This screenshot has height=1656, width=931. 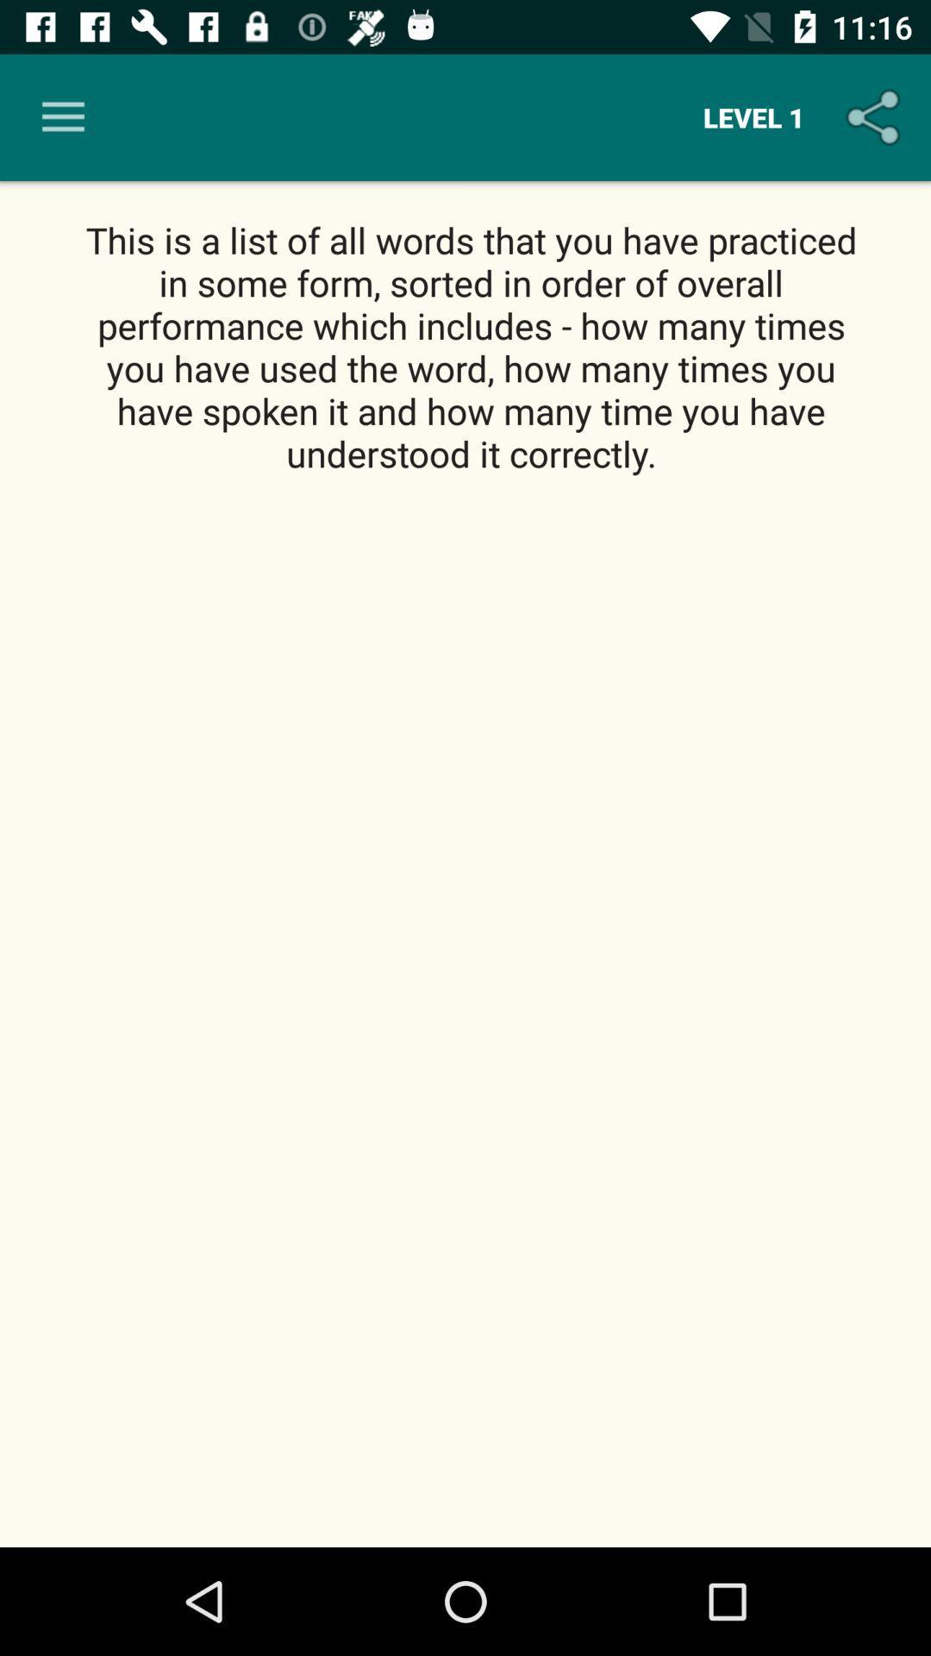 I want to click on icon below the this is a icon, so click(x=465, y=1013).